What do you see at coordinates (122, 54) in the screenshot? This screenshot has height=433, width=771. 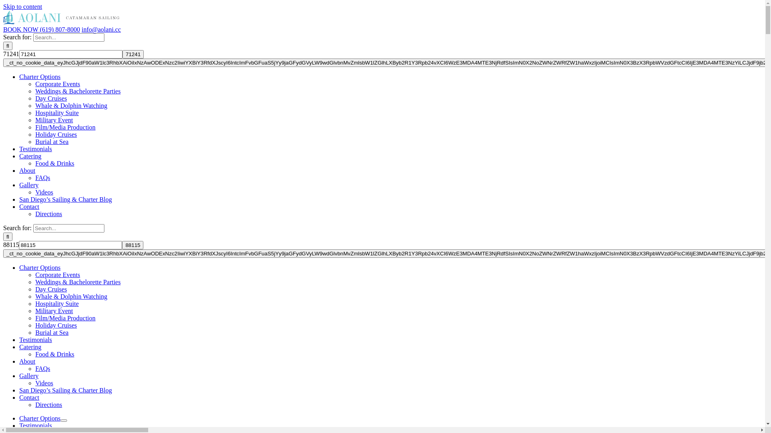 I see `'71241'` at bounding box center [122, 54].